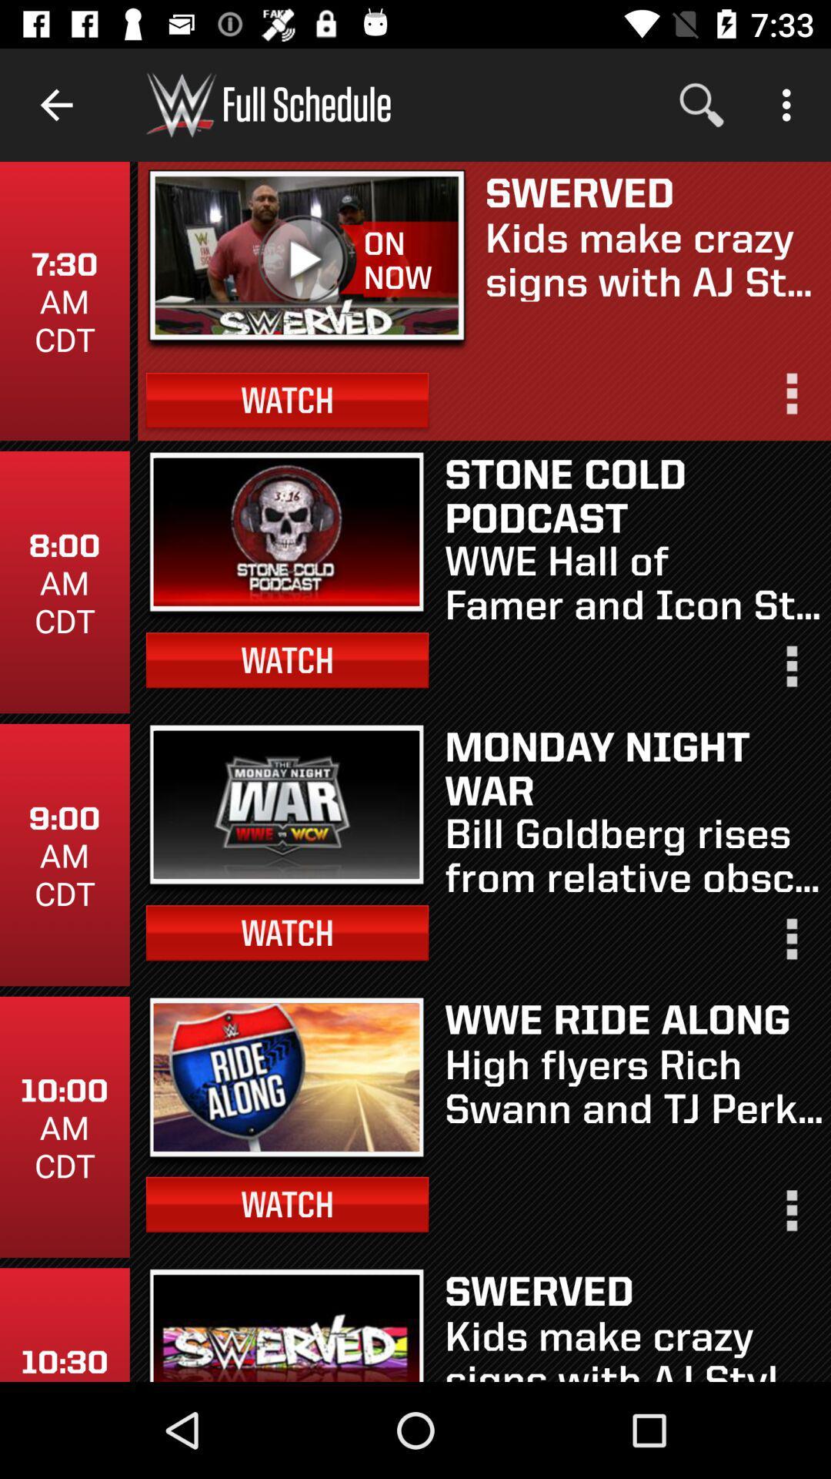  Describe the element at coordinates (790, 400) in the screenshot. I see `video options` at that location.